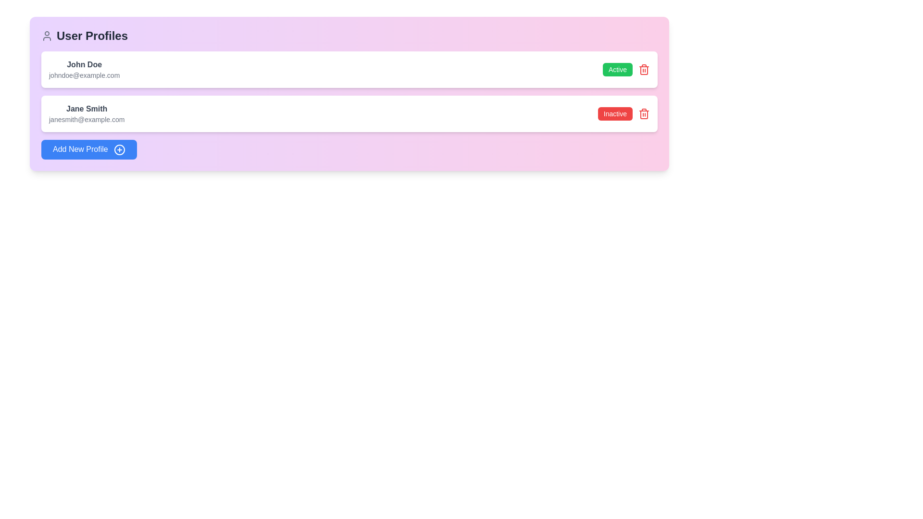 The height and width of the screenshot is (519, 923). What do you see at coordinates (119, 149) in the screenshot?
I see `the icon located to the right side of the blue button labeled 'Add New Profile', which signifies an action to add or create something new` at bounding box center [119, 149].